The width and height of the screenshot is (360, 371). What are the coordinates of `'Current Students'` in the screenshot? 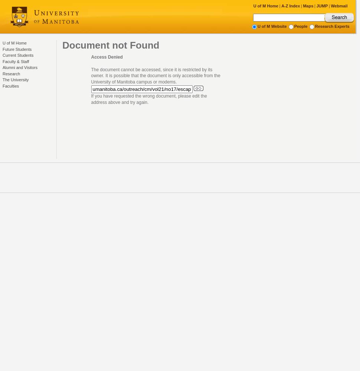 It's located at (18, 55).